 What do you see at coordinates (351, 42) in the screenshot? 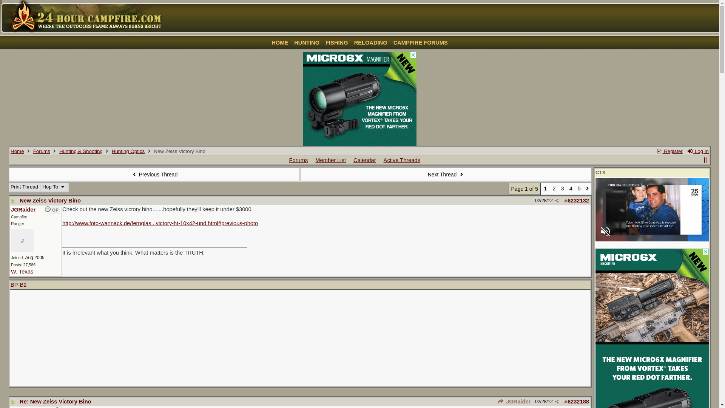
I see `'RELOADING'` at bounding box center [351, 42].